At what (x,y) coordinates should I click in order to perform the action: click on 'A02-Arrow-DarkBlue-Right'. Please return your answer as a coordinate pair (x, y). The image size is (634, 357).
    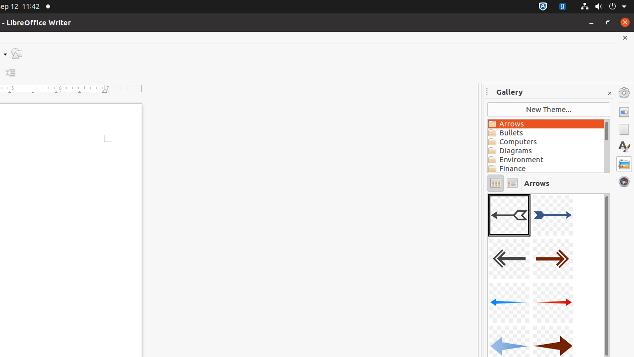
    Looking at the image, I should click on (552, 215).